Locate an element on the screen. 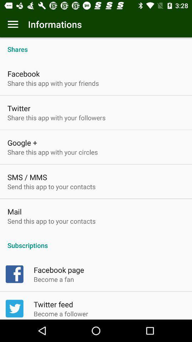  subscriptions icon is located at coordinates (96, 242).